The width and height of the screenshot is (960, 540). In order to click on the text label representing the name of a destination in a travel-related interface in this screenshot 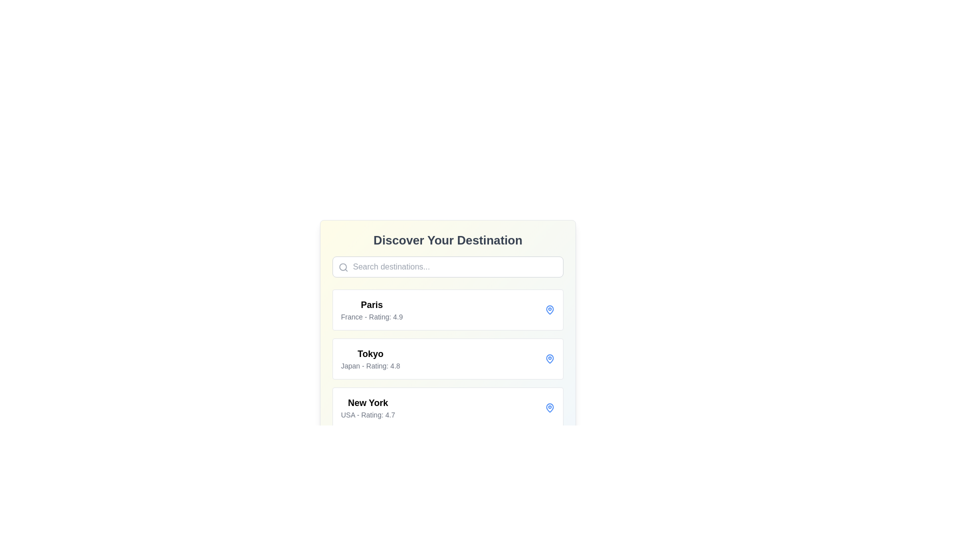, I will do `click(370, 353)`.